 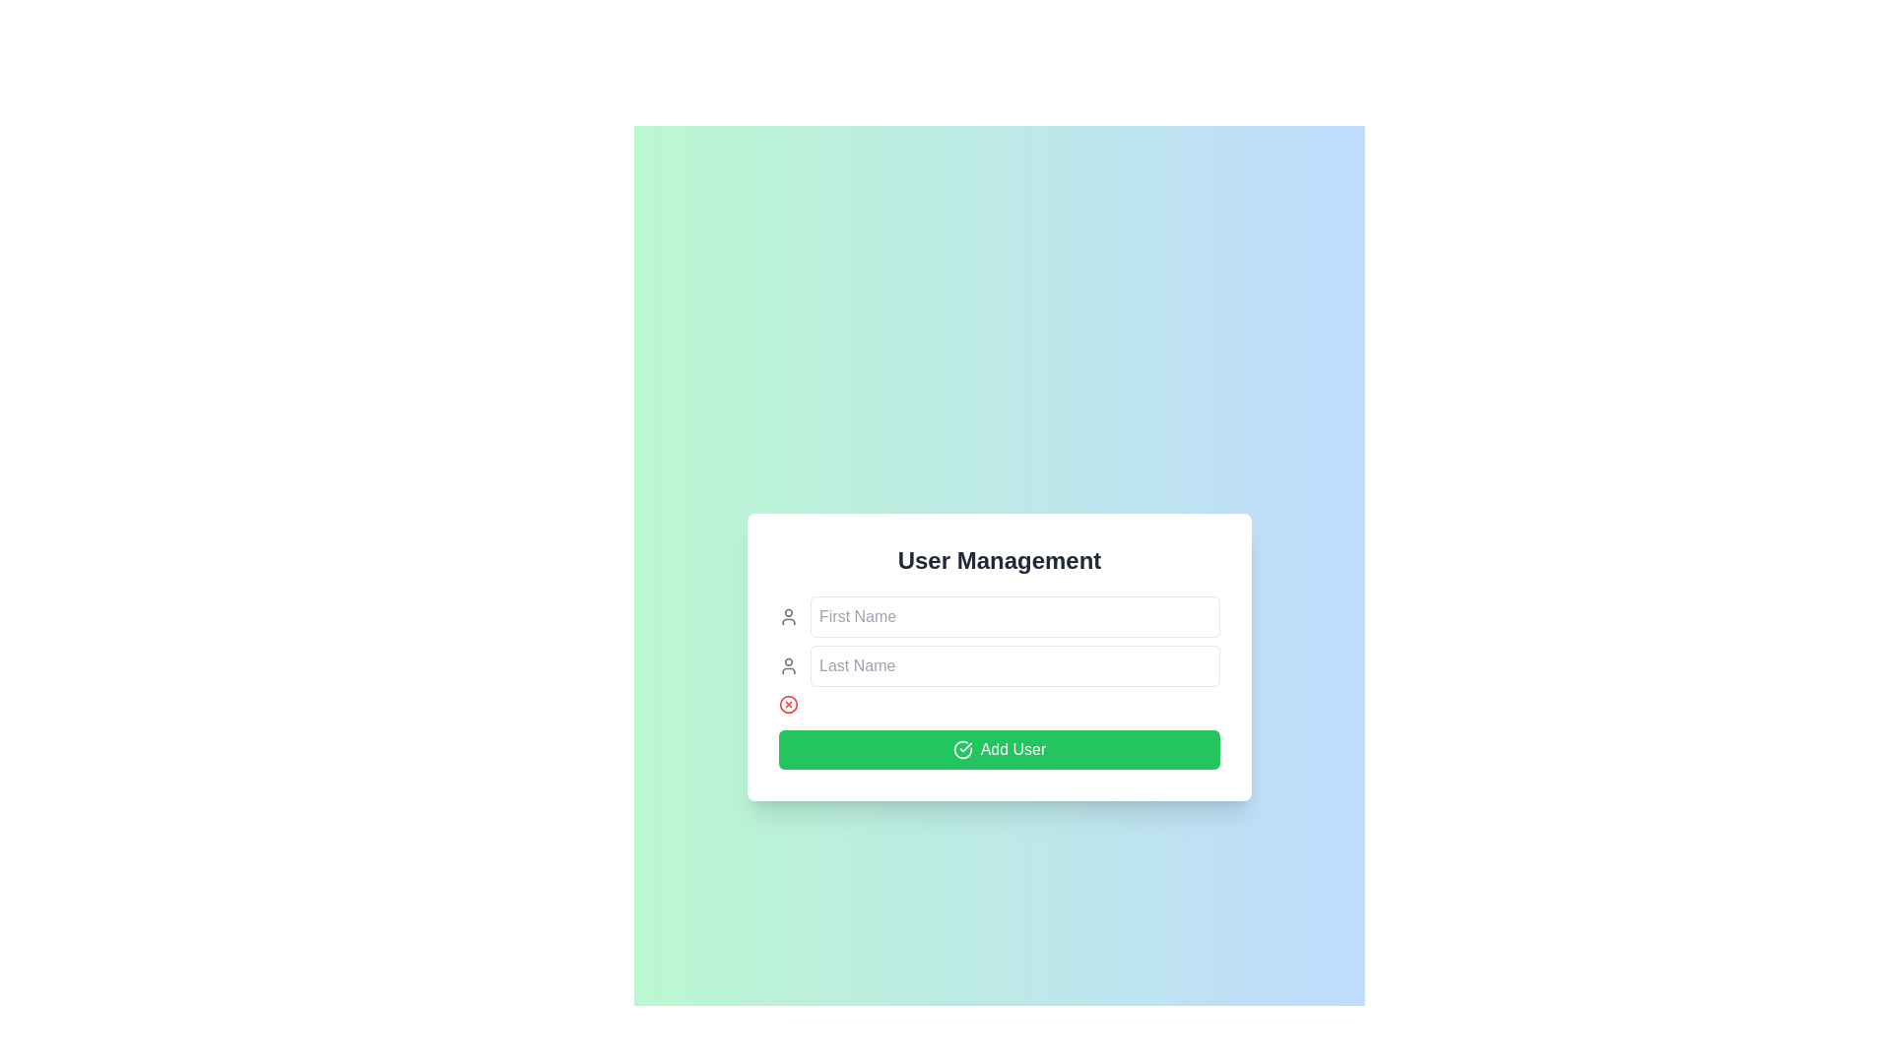 I want to click on the 'Add User' button located at the bottom of the 'User Management' modal, so click(x=999, y=750).